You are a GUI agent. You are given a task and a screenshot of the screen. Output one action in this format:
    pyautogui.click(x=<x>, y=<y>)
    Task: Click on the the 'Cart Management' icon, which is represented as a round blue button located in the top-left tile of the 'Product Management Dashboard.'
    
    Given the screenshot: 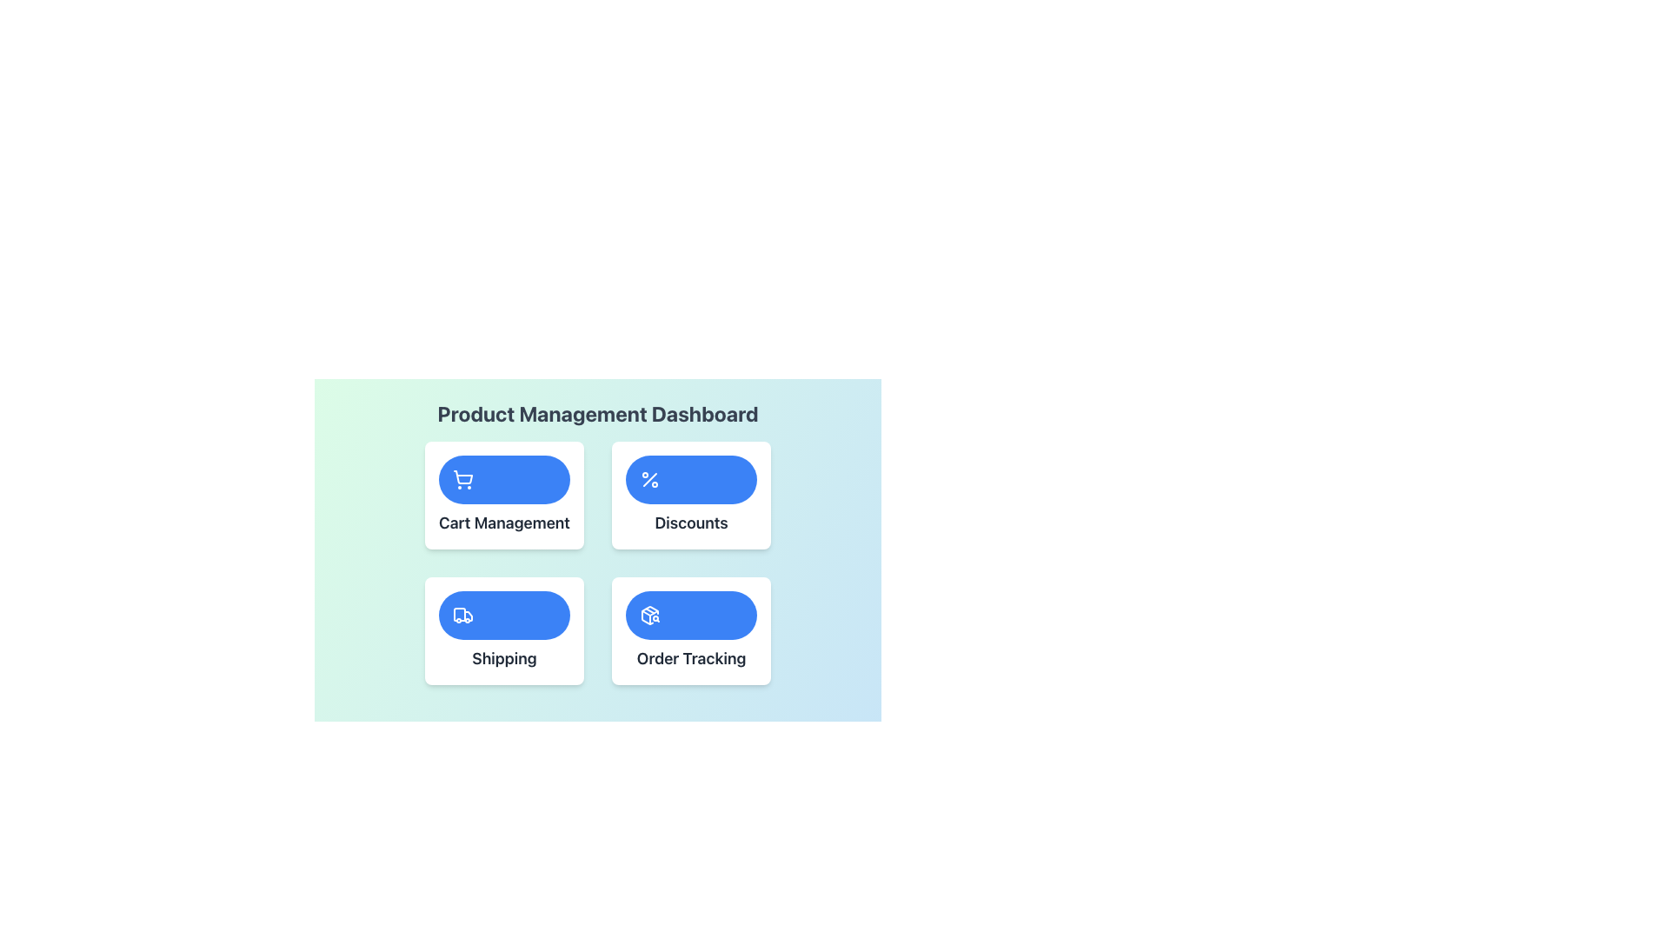 What is the action you would take?
    pyautogui.click(x=462, y=477)
    